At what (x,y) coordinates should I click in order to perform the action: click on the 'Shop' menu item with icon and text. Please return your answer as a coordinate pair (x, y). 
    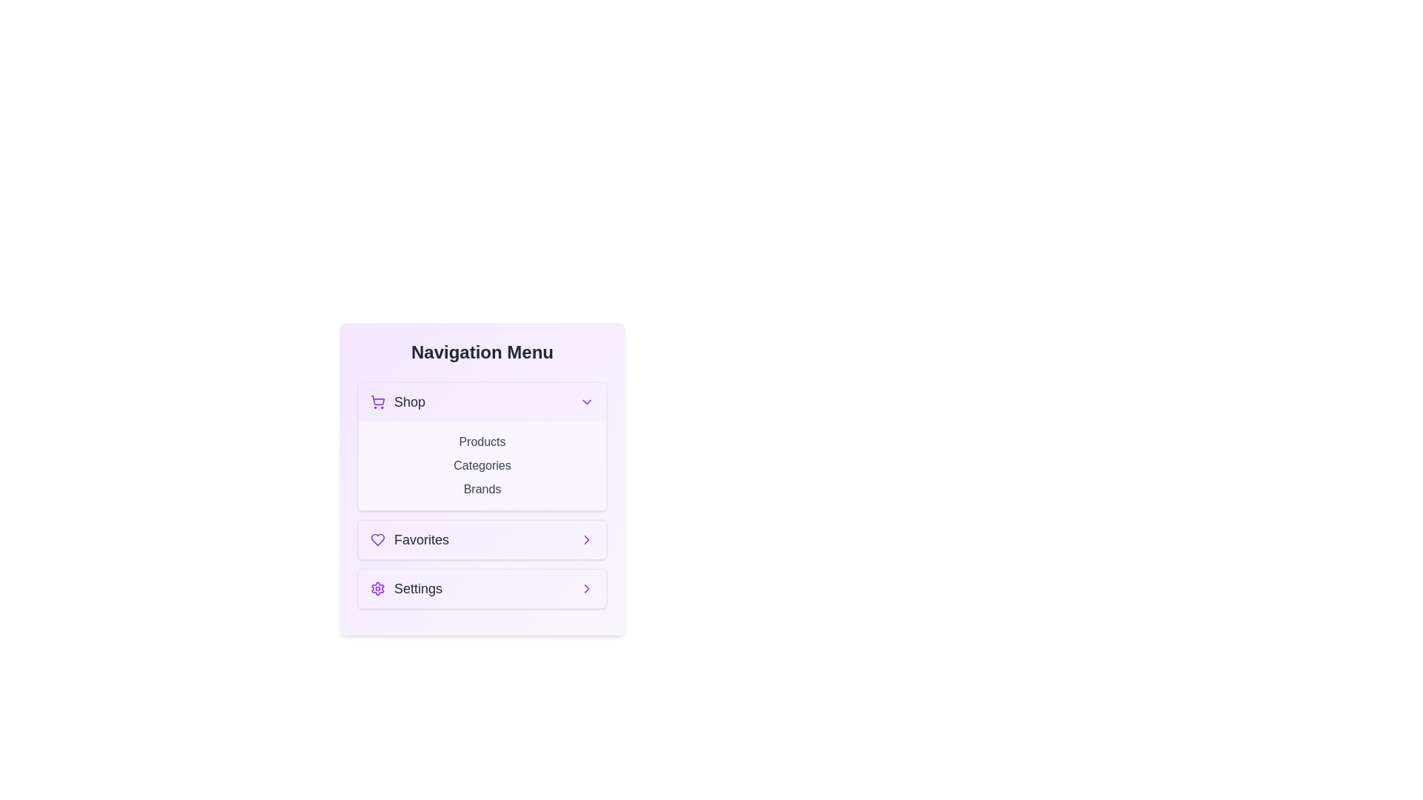
    Looking at the image, I should click on (398, 402).